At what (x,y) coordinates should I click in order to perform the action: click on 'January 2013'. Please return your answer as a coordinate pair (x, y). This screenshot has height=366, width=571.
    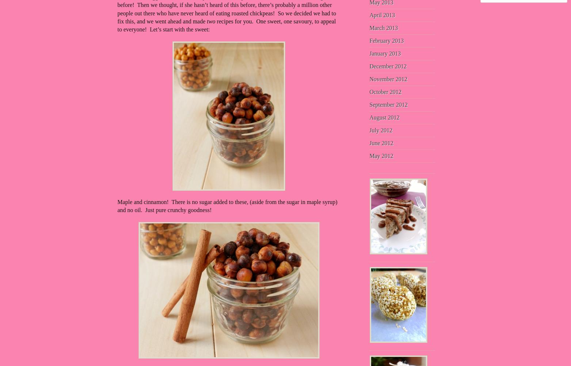
    Looking at the image, I should click on (385, 53).